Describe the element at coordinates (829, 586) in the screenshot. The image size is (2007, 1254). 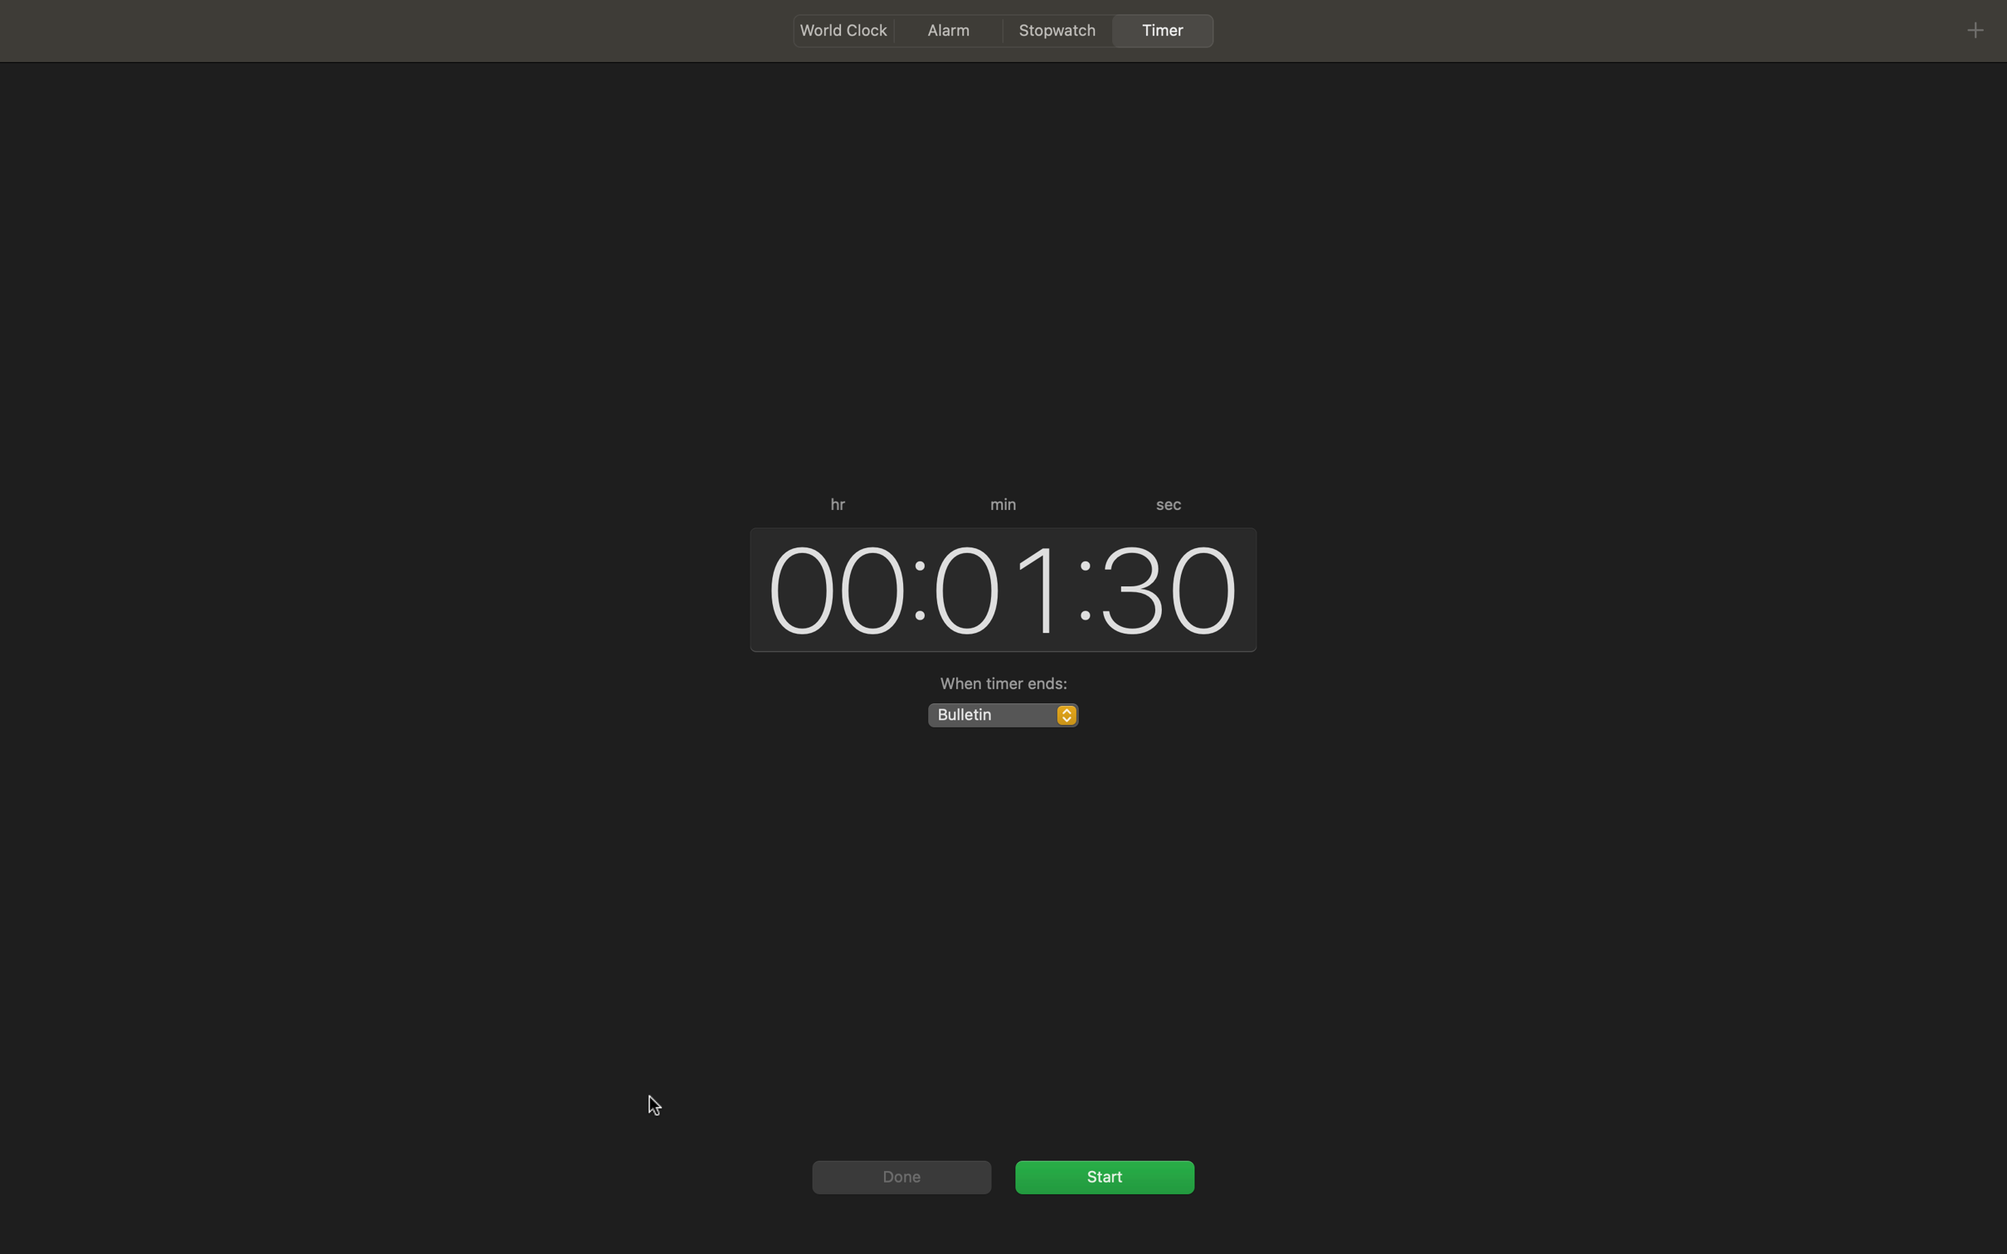
I see `the time as 3 hours` at that location.